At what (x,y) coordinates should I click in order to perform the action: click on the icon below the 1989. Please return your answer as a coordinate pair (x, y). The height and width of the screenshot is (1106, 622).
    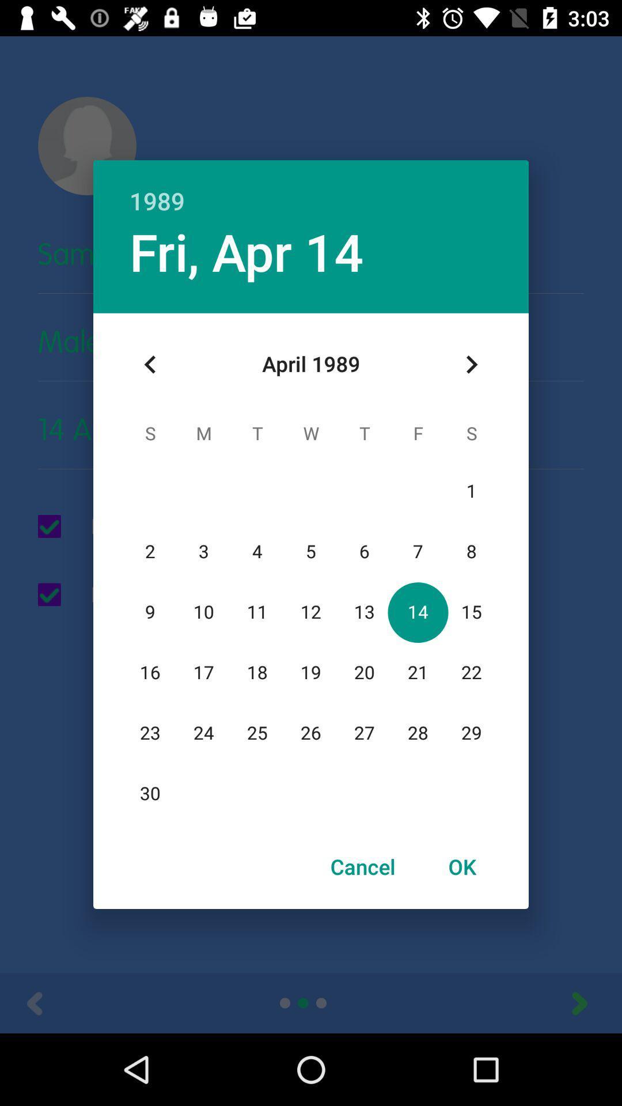
    Looking at the image, I should click on (246, 251).